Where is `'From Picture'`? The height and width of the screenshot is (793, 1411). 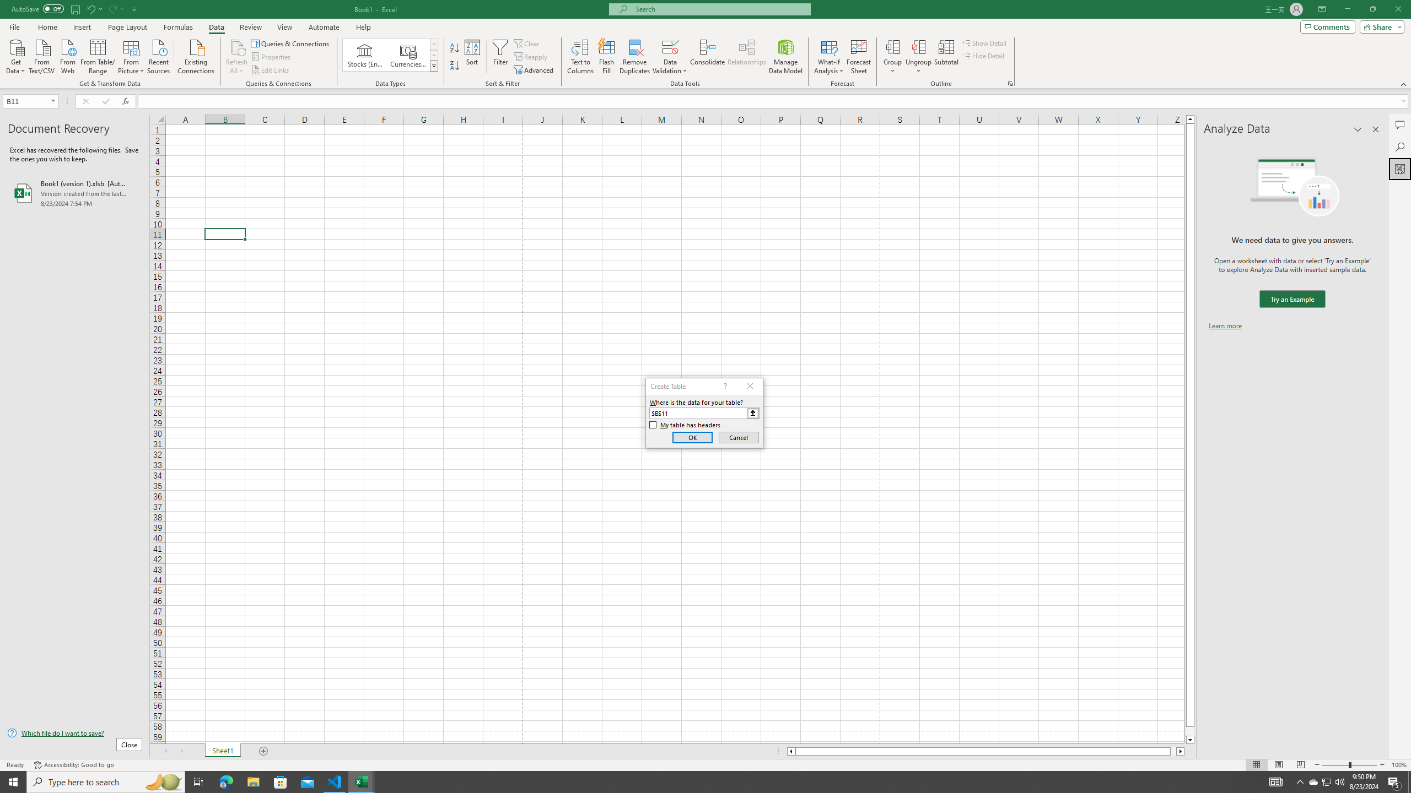 'From Picture' is located at coordinates (132, 55).